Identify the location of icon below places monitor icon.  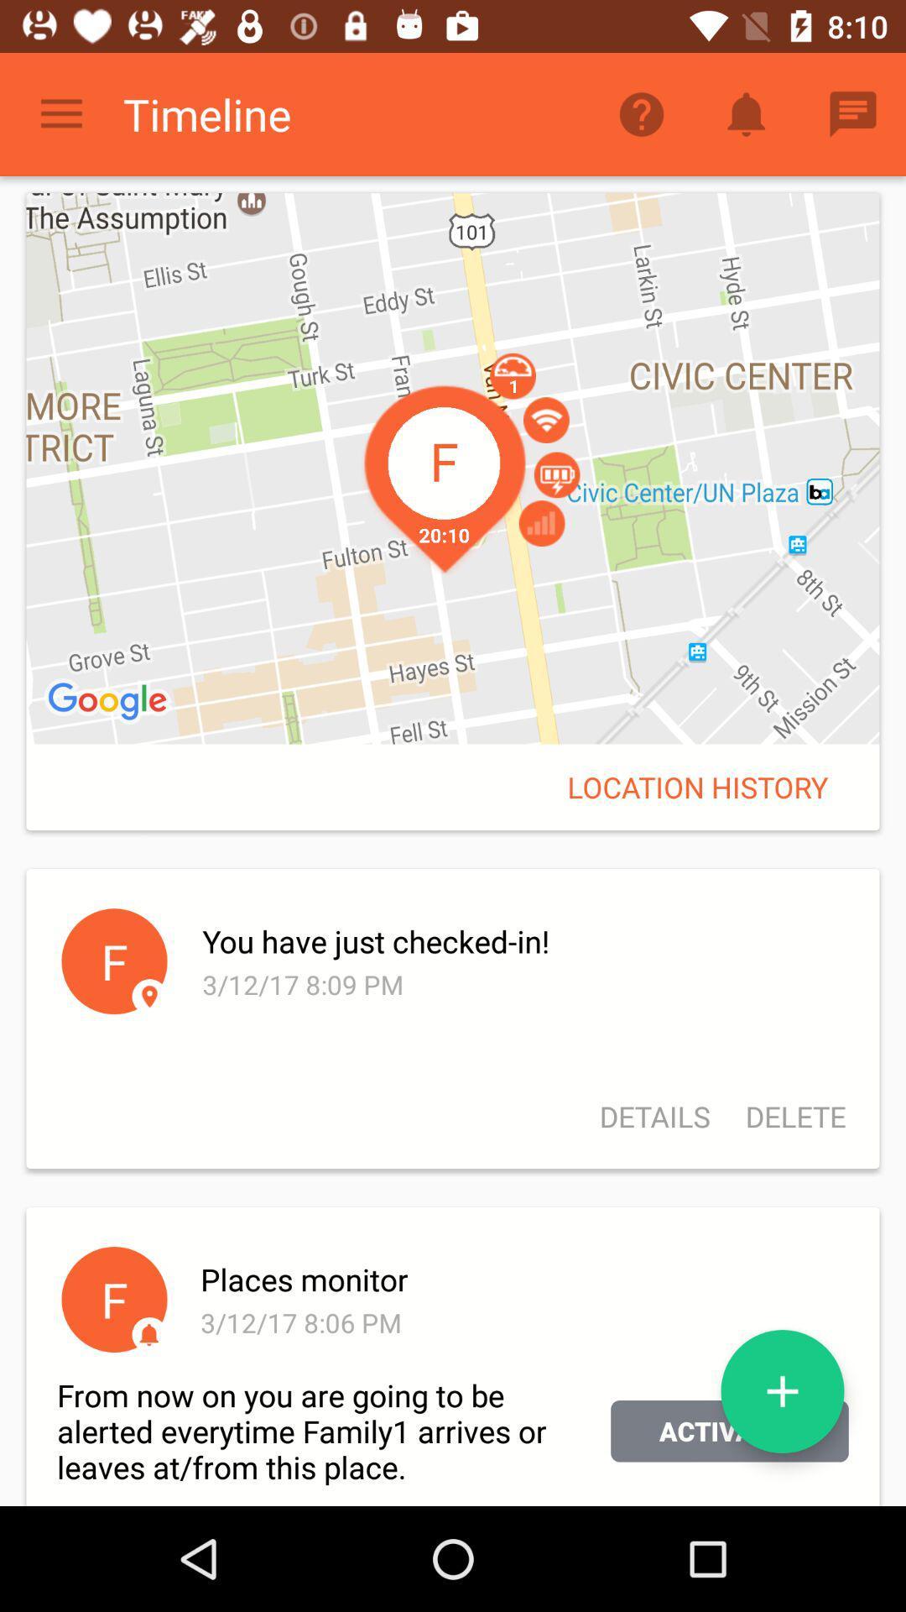
(783, 1391).